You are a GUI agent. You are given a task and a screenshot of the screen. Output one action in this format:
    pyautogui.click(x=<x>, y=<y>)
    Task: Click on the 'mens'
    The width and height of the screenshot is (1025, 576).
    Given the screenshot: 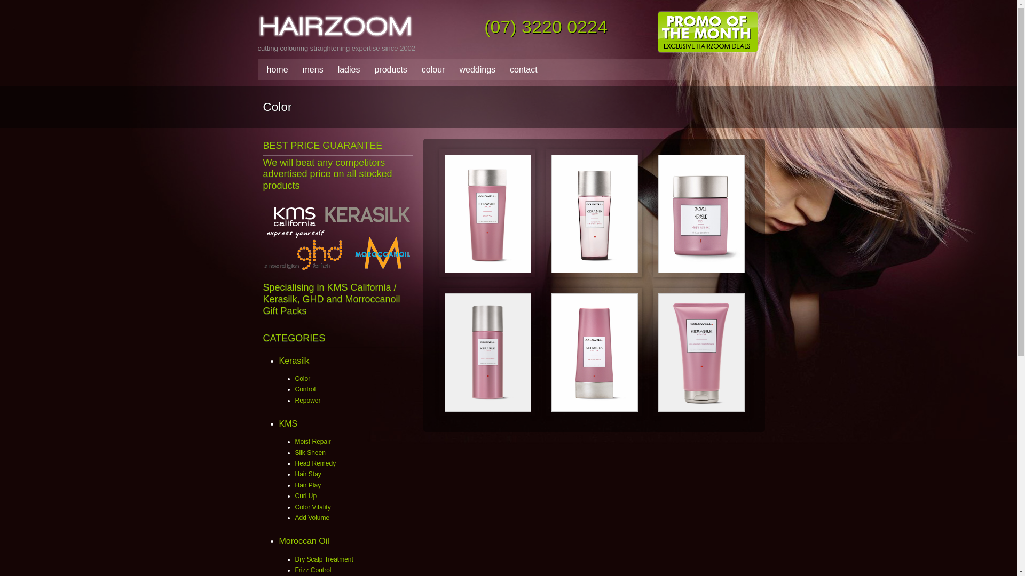 What is the action you would take?
    pyautogui.click(x=310, y=70)
    